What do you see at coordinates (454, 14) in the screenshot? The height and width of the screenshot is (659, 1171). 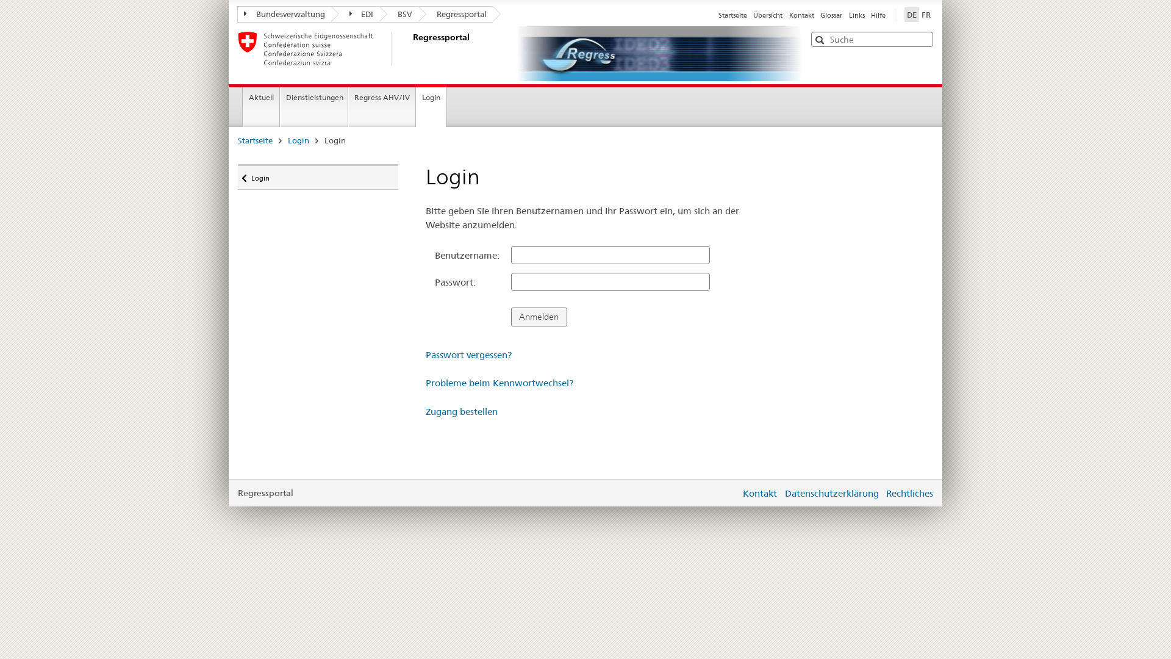 I see `'Regressportal'` at bounding box center [454, 14].